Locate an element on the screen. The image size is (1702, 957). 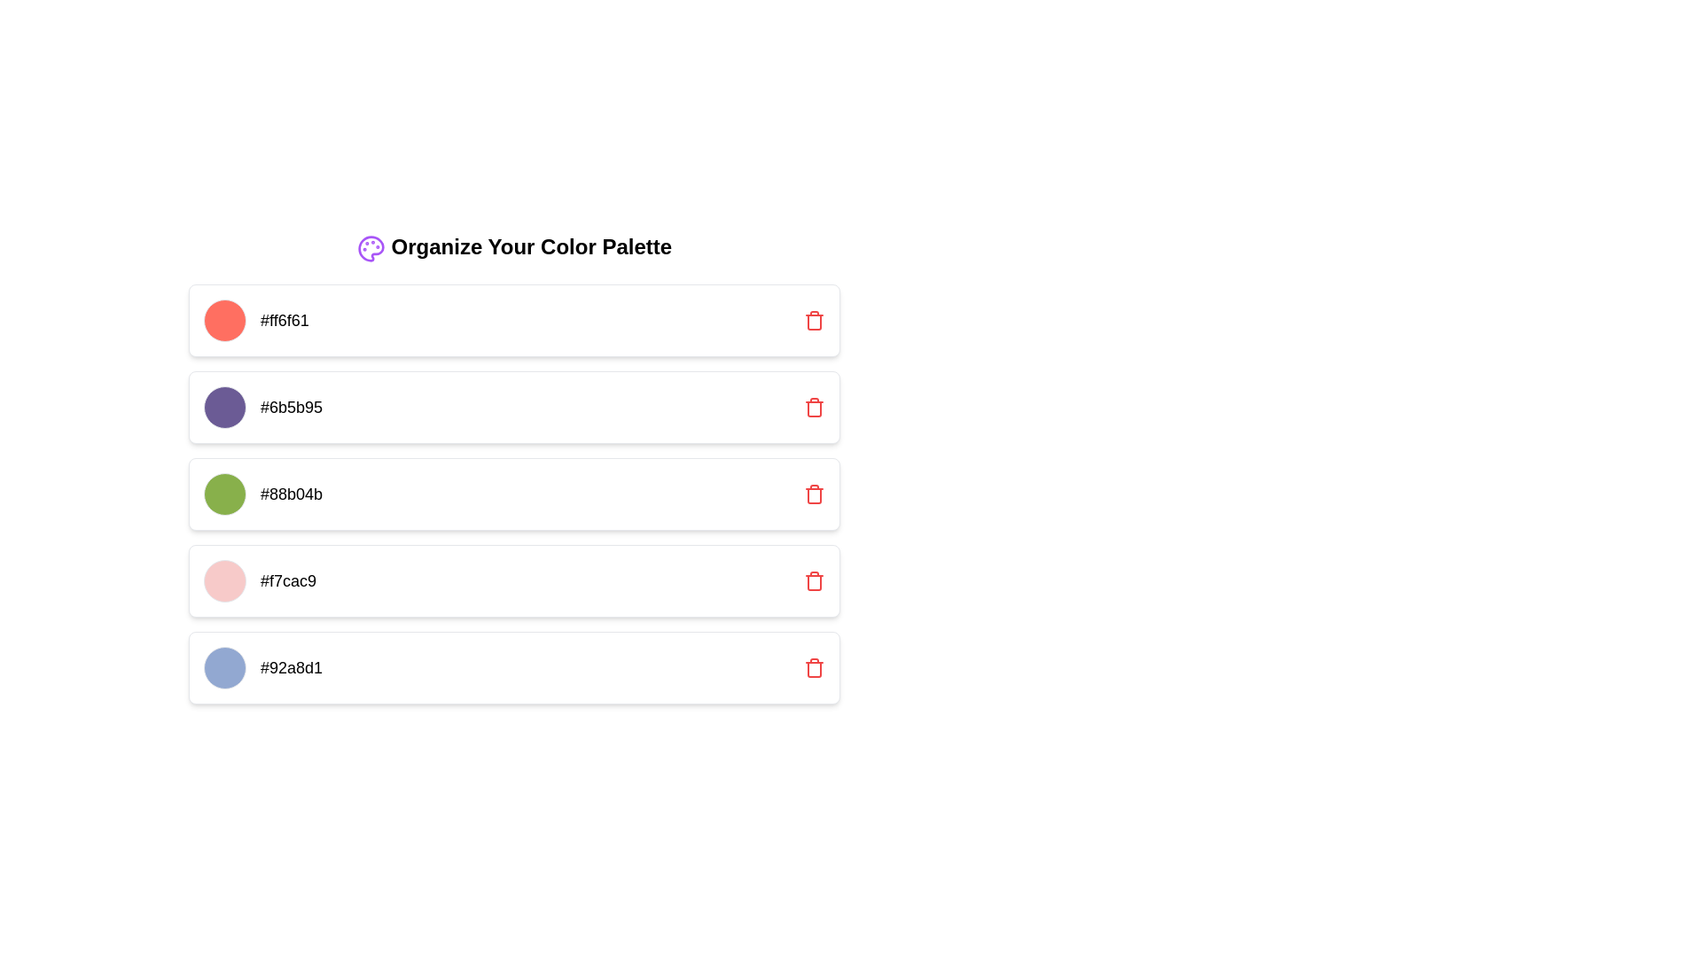
text element displaying the hexadecimal color code '#92a8d1', which is positioned in the last row of the color palette, to the right of the corresponding circular color indicator is located at coordinates (292, 667).